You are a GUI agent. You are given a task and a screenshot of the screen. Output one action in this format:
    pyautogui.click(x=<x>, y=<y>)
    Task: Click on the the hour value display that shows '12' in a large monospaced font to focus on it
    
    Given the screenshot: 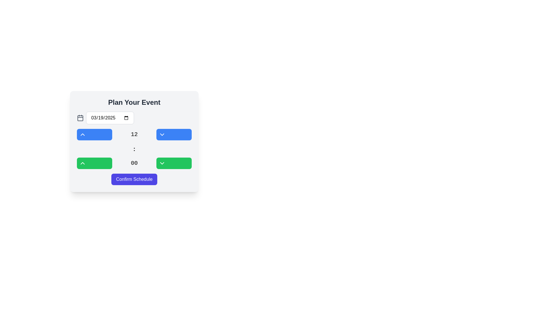 What is the action you would take?
    pyautogui.click(x=134, y=135)
    